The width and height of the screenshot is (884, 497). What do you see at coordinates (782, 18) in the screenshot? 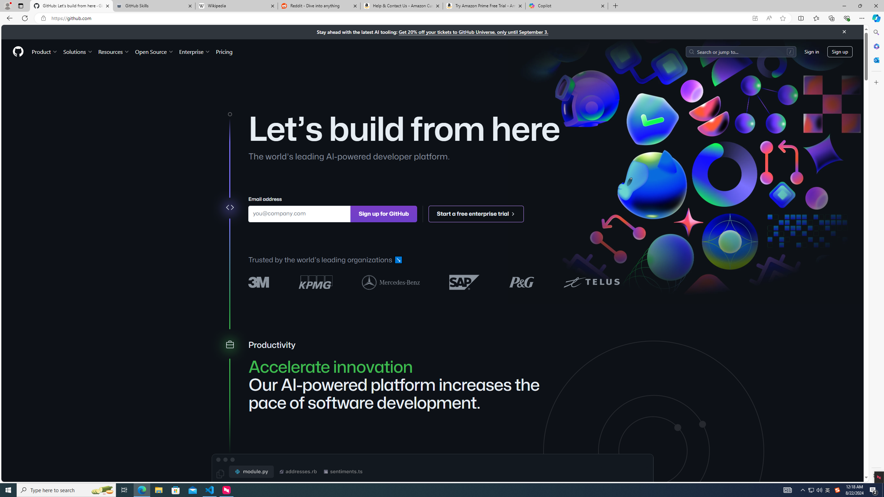
I see `'Add this page to favorites (Ctrl+D)'` at bounding box center [782, 18].